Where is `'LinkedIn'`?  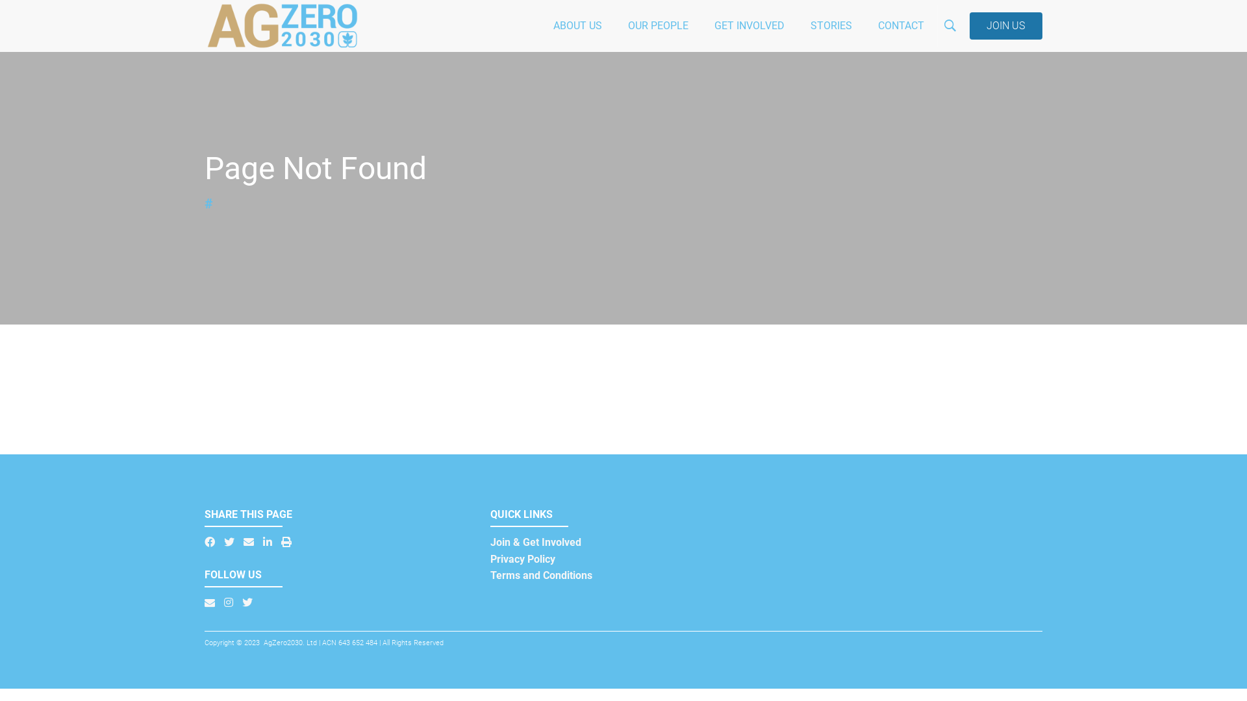
'LinkedIn' is located at coordinates (267, 541).